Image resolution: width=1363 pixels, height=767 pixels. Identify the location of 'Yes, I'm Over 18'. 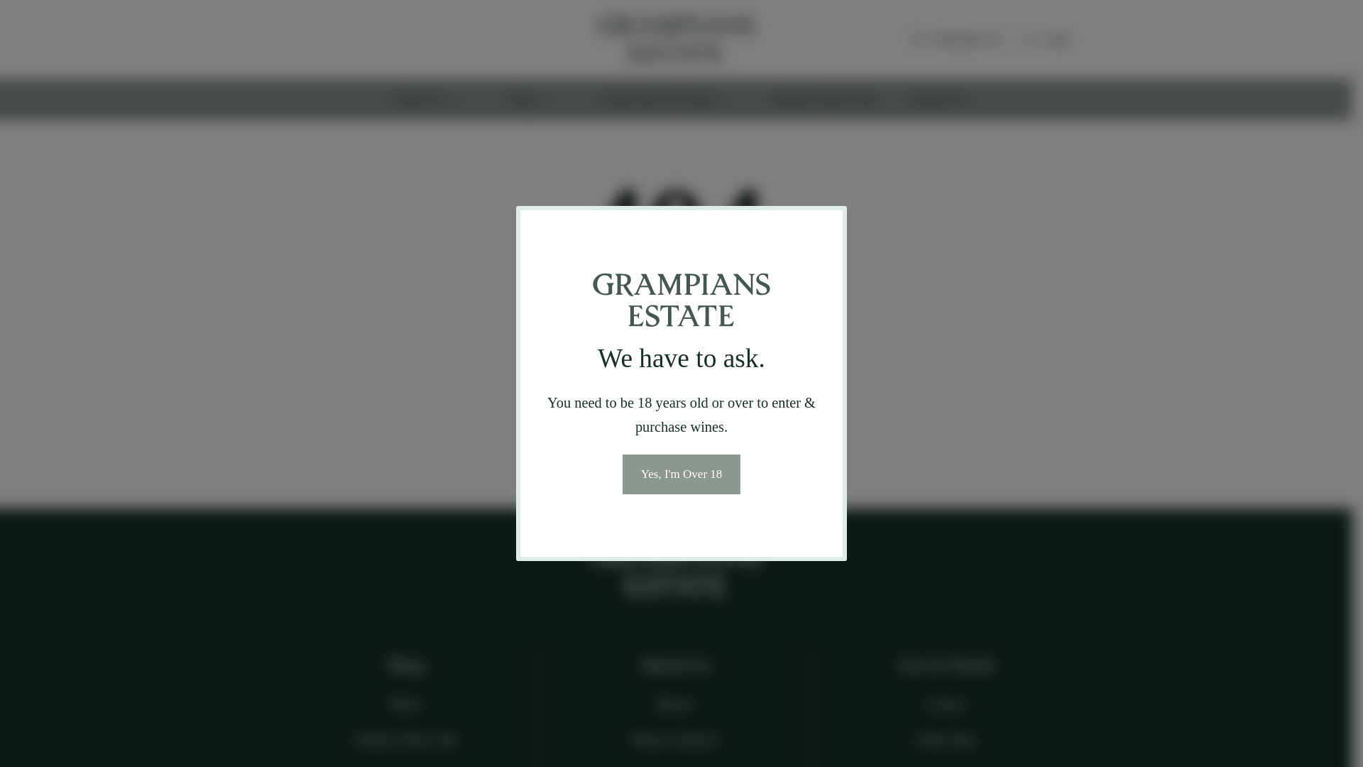
(623, 474).